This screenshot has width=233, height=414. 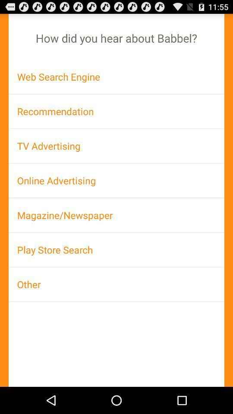 What do you see at coordinates (116, 284) in the screenshot?
I see `icon below the play store search` at bounding box center [116, 284].